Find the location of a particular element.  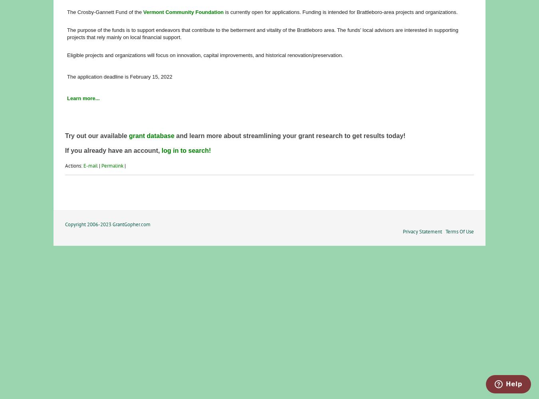

'is currently open for  applications.  Funding is intended for Brattleboro-area projects and  organizations.' is located at coordinates (341, 12).